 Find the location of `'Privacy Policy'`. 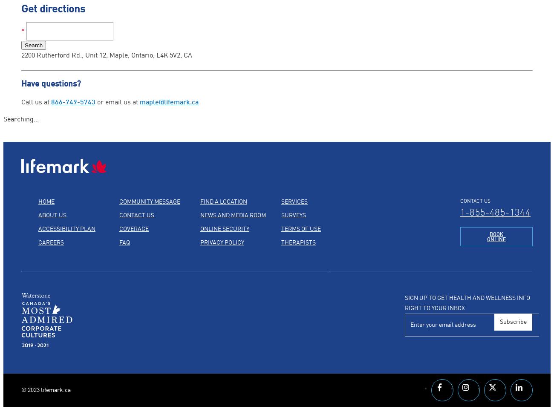

'Privacy Policy' is located at coordinates (222, 242).